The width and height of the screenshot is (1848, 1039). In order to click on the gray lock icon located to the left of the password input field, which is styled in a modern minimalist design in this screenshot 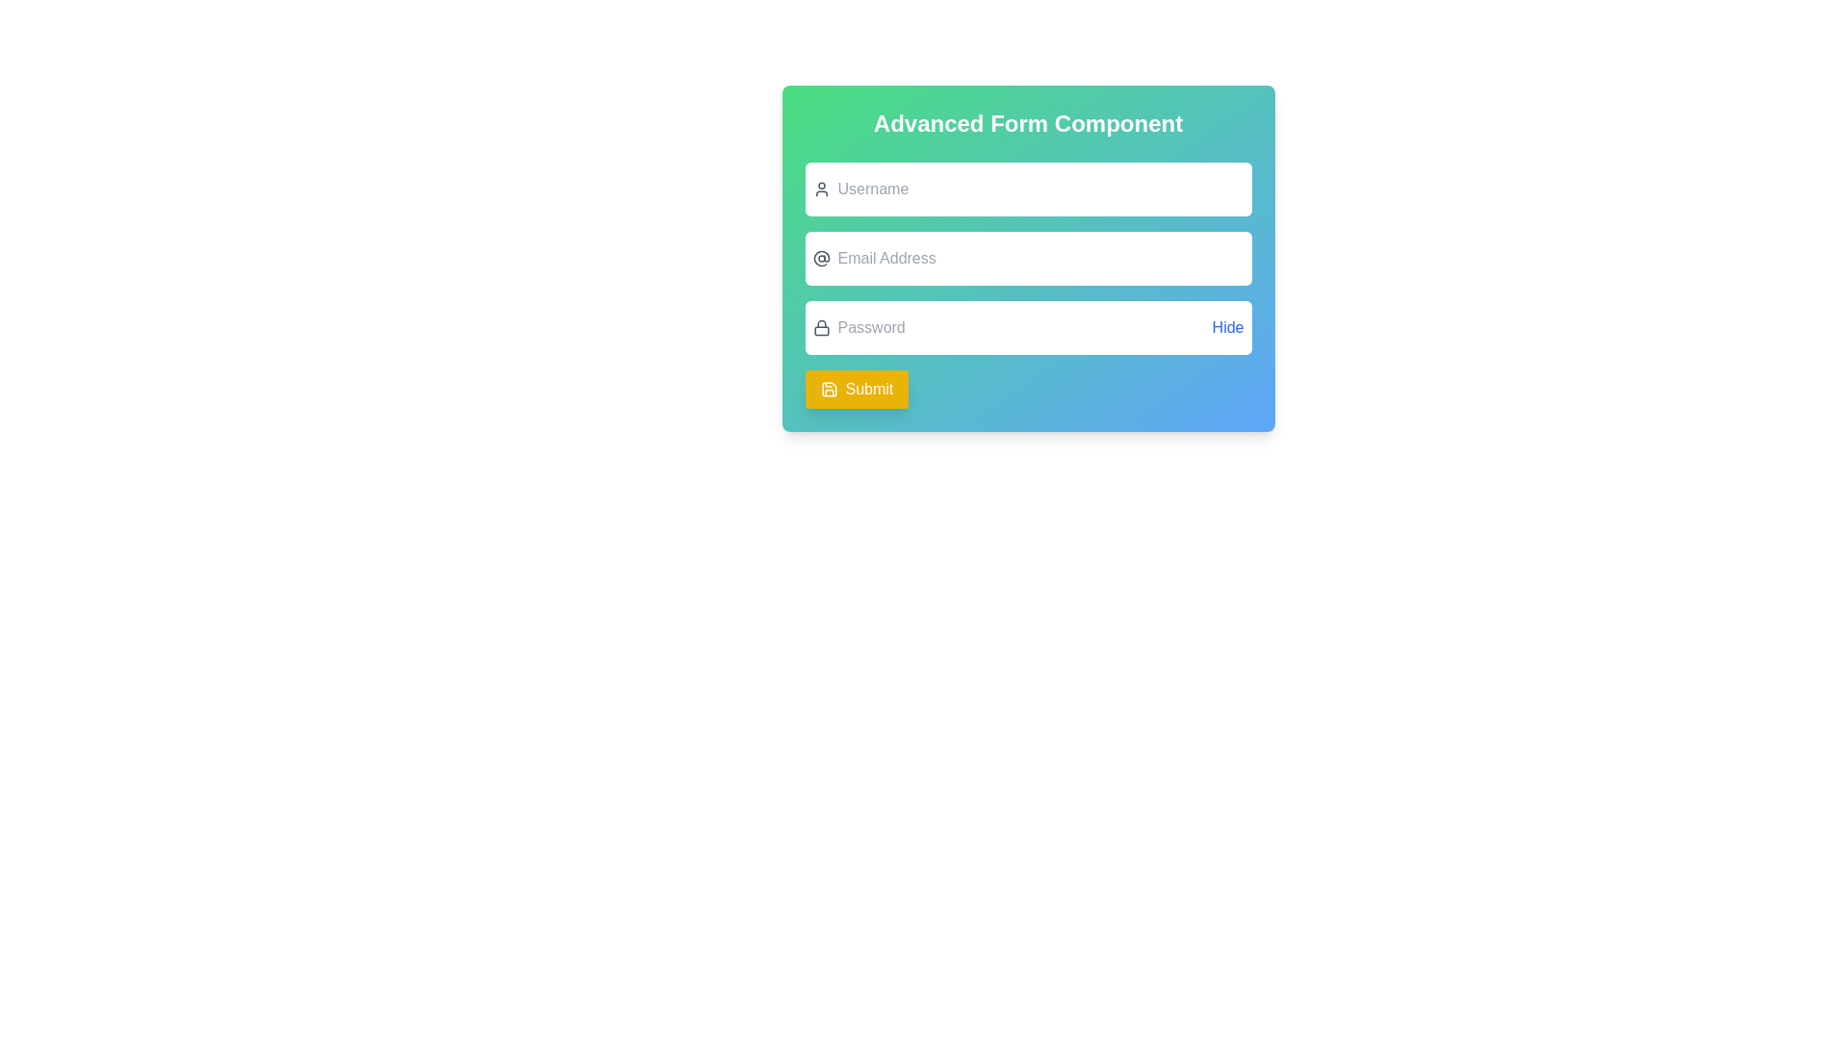, I will do `click(821, 326)`.